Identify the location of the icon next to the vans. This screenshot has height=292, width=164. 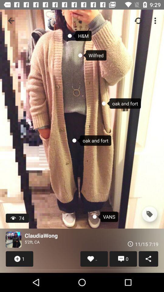
(149, 214).